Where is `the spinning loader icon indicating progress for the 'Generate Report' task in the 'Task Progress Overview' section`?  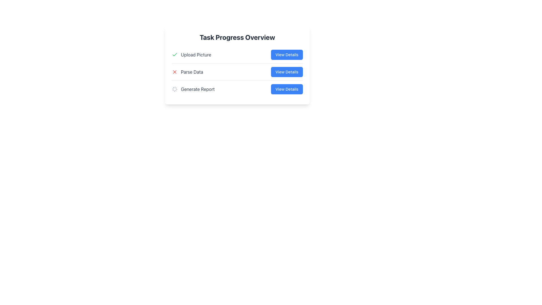 the spinning loader icon indicating progress for the 'Generate Report' task in the 'Task Progress Overview' section is located at coordinates (237, 89).